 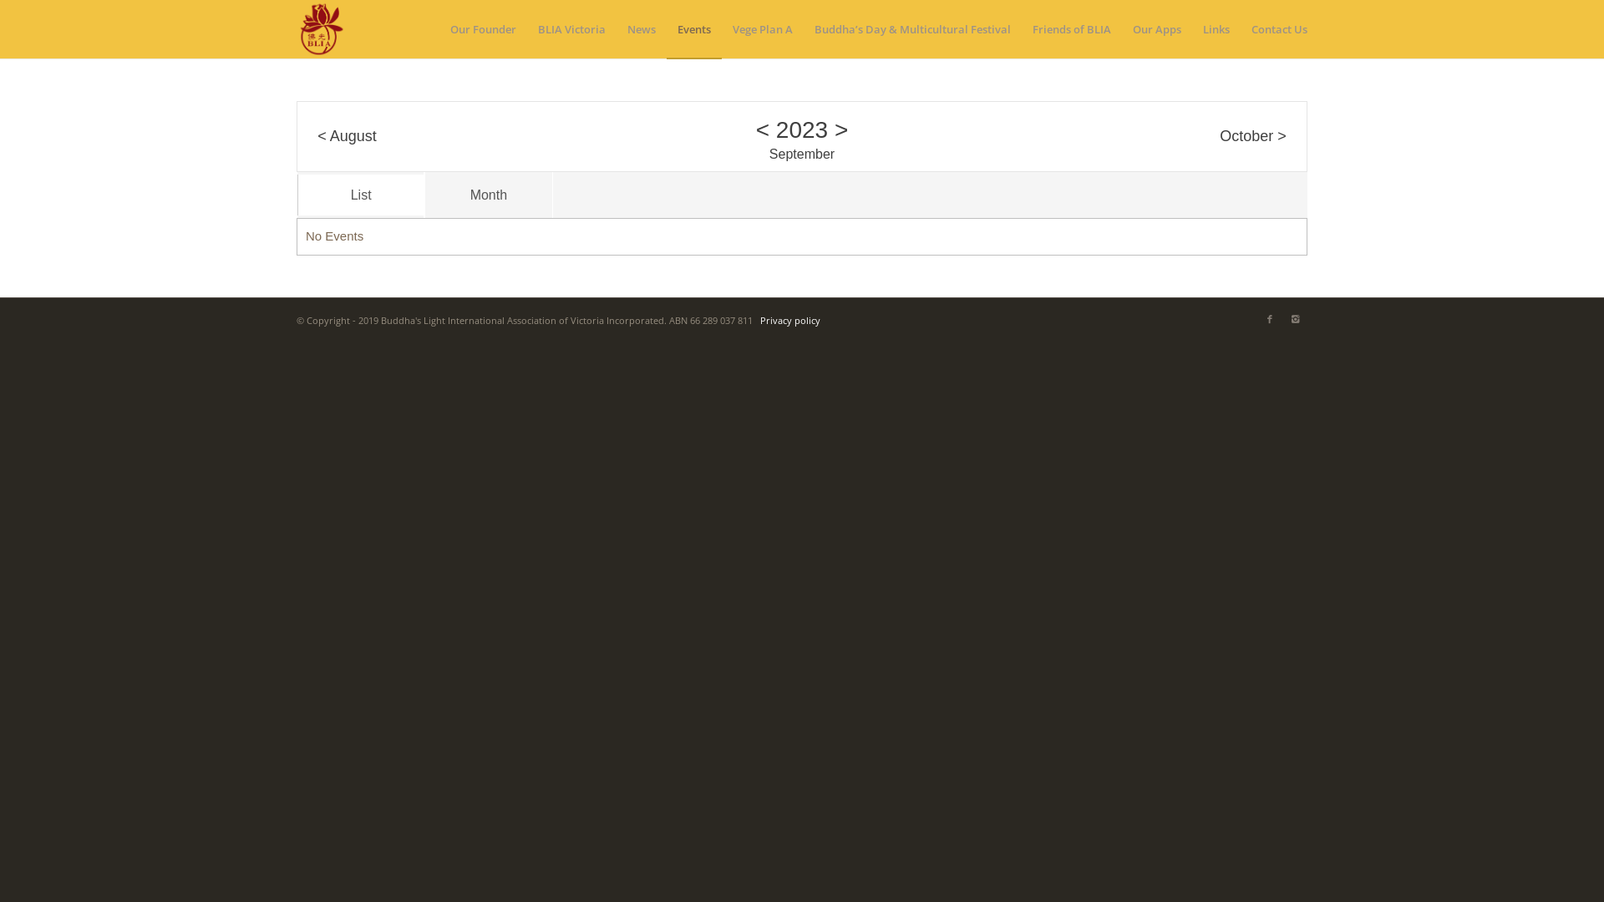 What do you see at coordinates (482, 28) in the screenshot?
I see `'Our Founder'` at bounding box center [482, 28].